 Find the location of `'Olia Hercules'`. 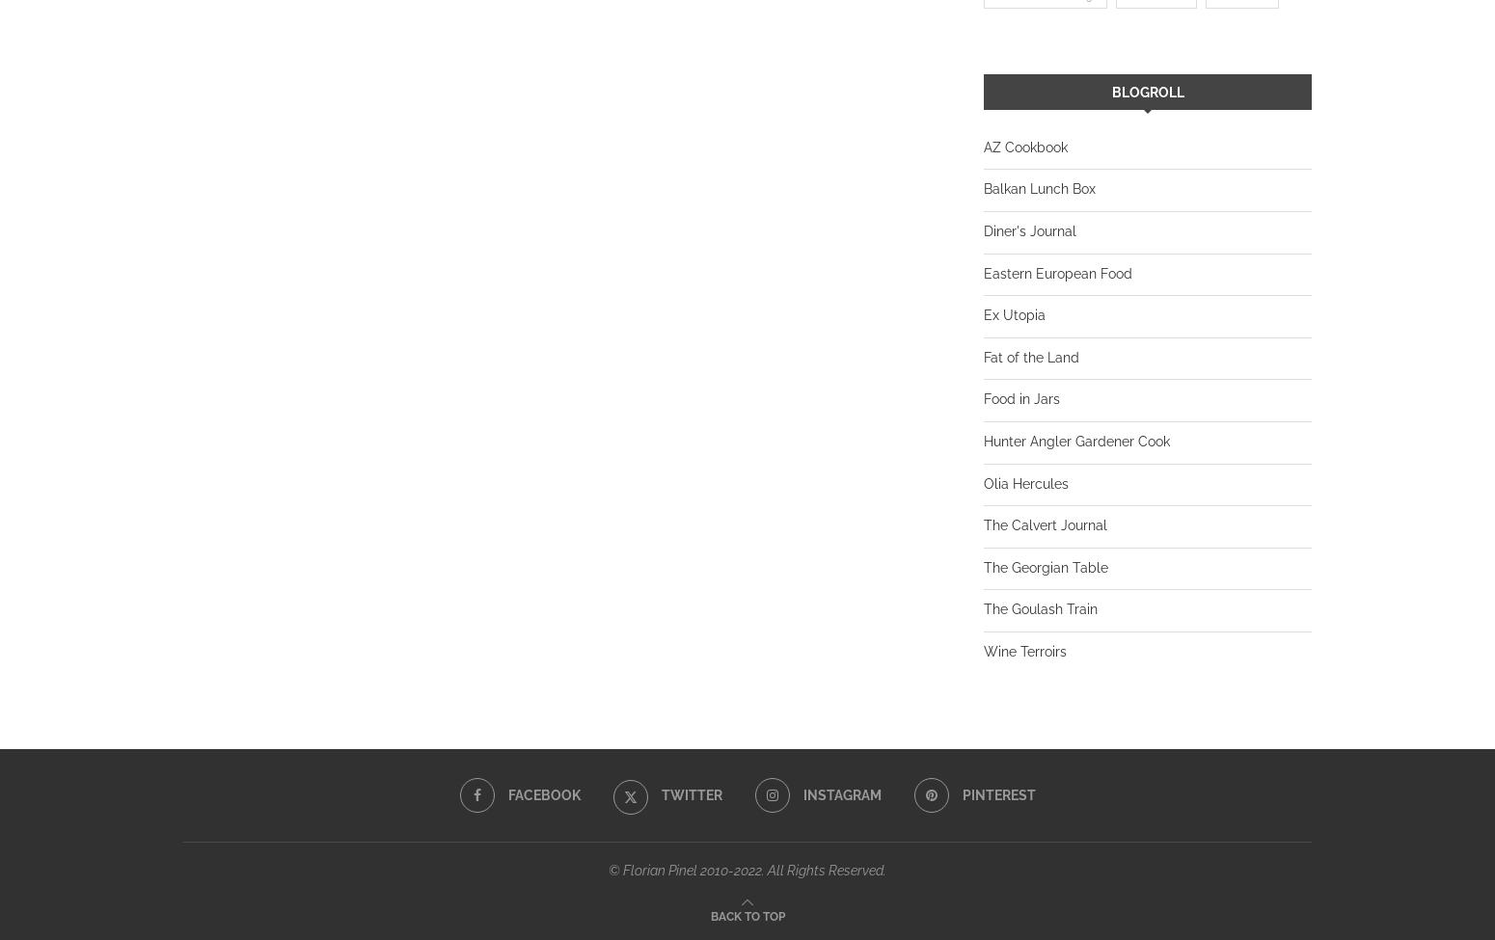

'Olia Hercules' is located at coordinates (1026, 481).